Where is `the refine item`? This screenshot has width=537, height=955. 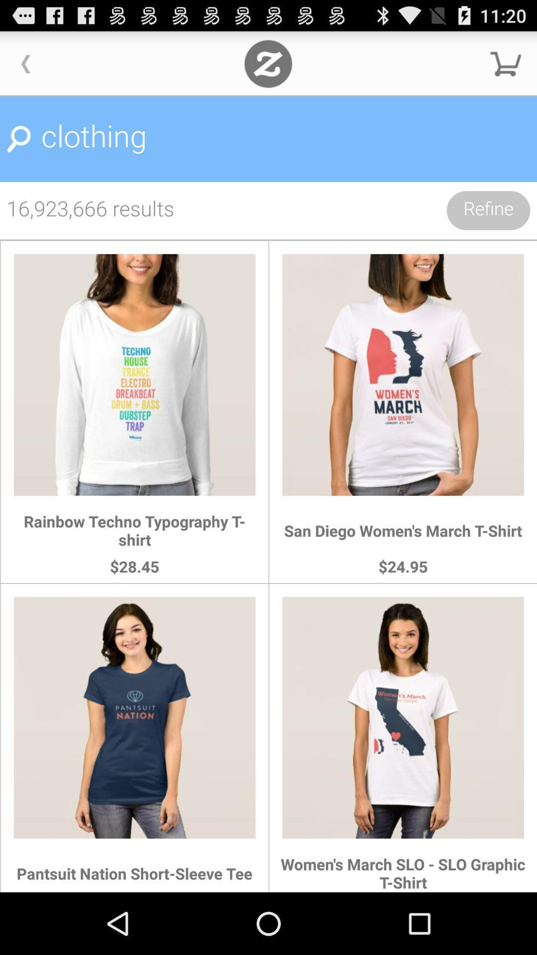
the refine item is located at coordinates (488, 210).